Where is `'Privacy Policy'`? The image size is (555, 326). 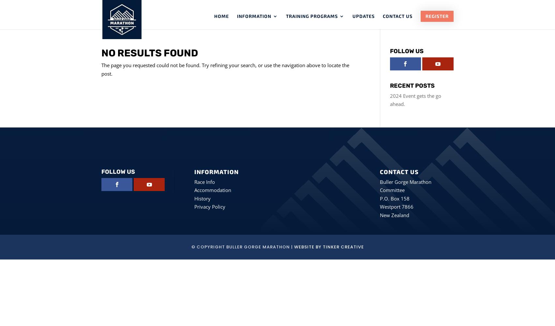
'Privacy Policy' is located at coordinates (209, 207).